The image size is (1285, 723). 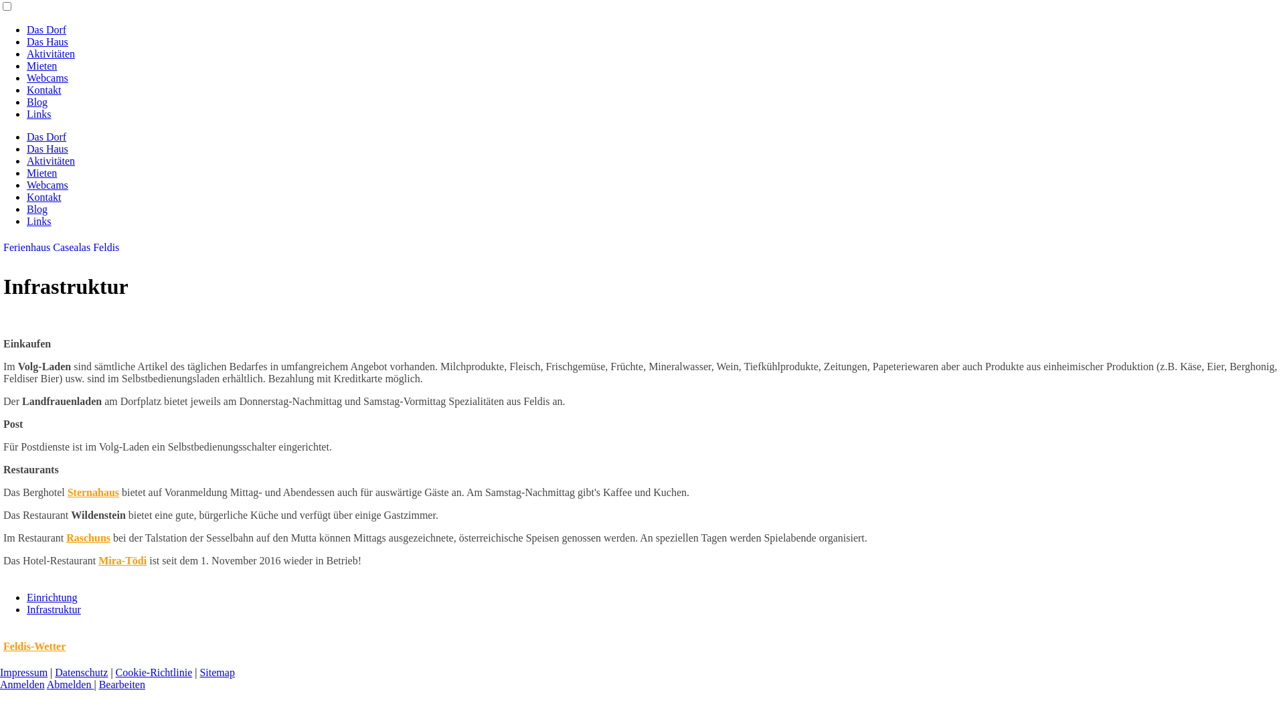 I want to click on 'Impressum', so click(x=23, y=672).